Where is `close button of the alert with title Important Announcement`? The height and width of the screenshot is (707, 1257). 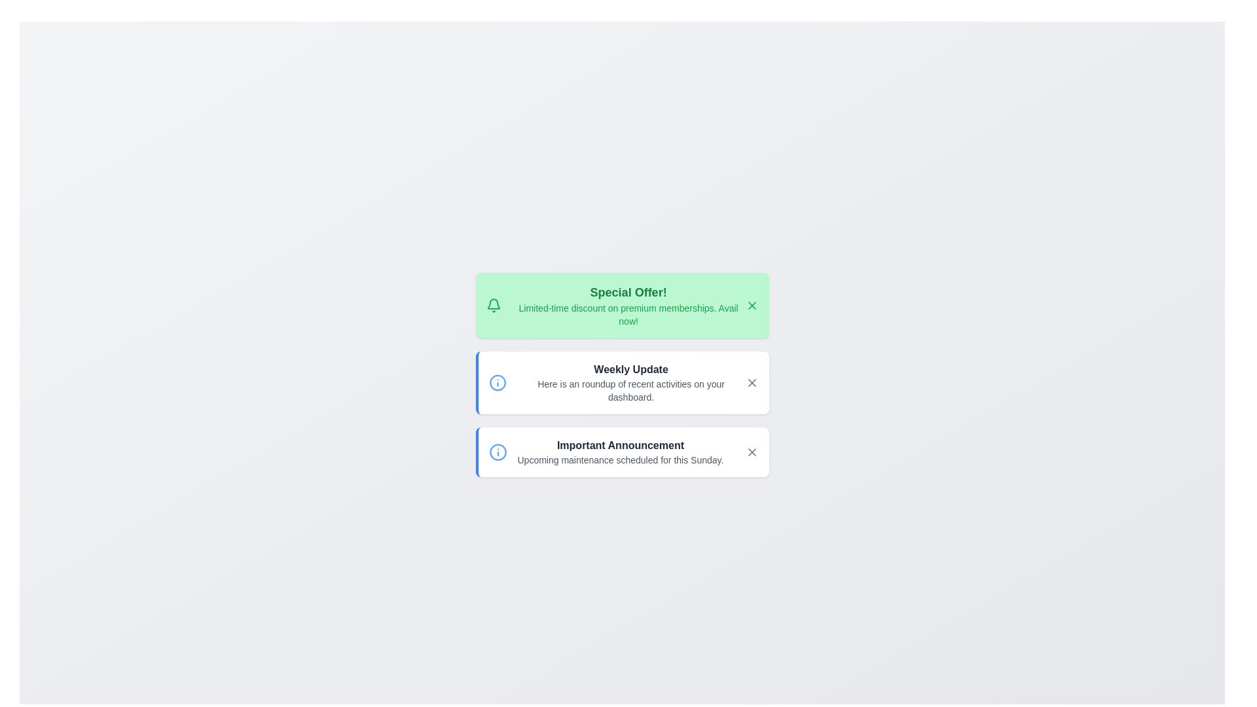
close button of the alert with title Important Announcement is located at coordinates (752, 451).